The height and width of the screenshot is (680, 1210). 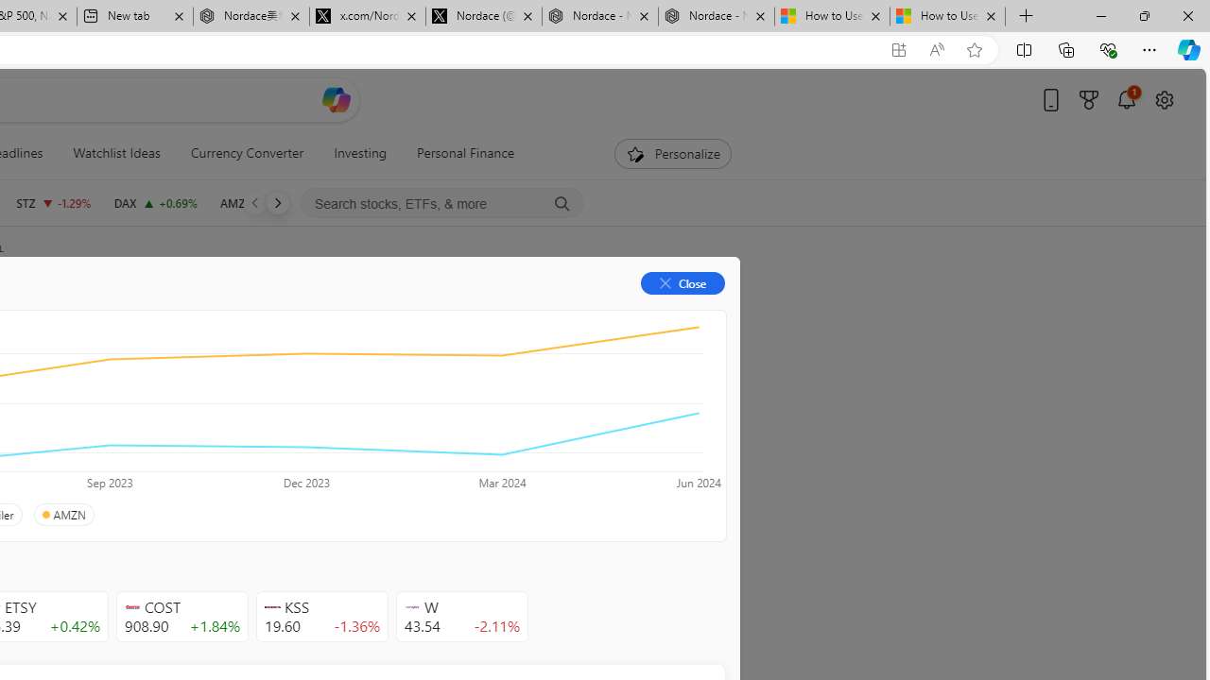 What do you see at coordinates (466, 153) in the screenshot?
I see `'Personal Finance'` at bounding box center [466, 153].